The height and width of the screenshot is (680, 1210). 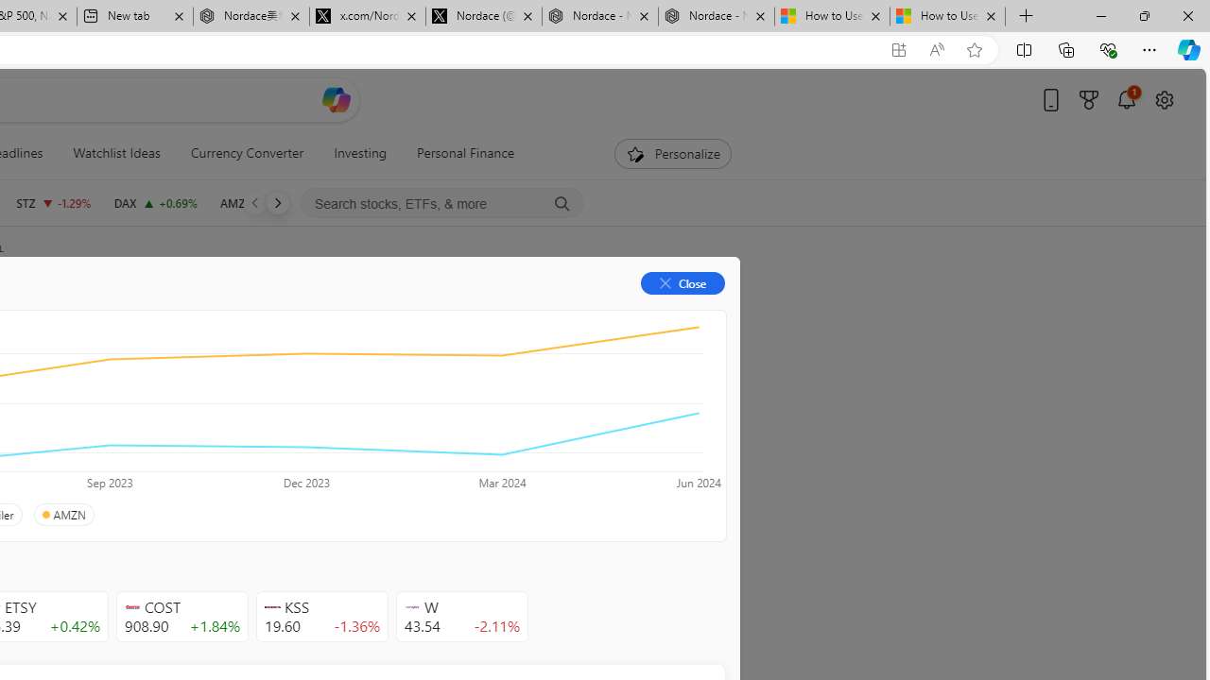 What do you see at coordinates (466, 153) in the screenshot?
I see `'Personal Finance'` at bounding box center [466, 153].